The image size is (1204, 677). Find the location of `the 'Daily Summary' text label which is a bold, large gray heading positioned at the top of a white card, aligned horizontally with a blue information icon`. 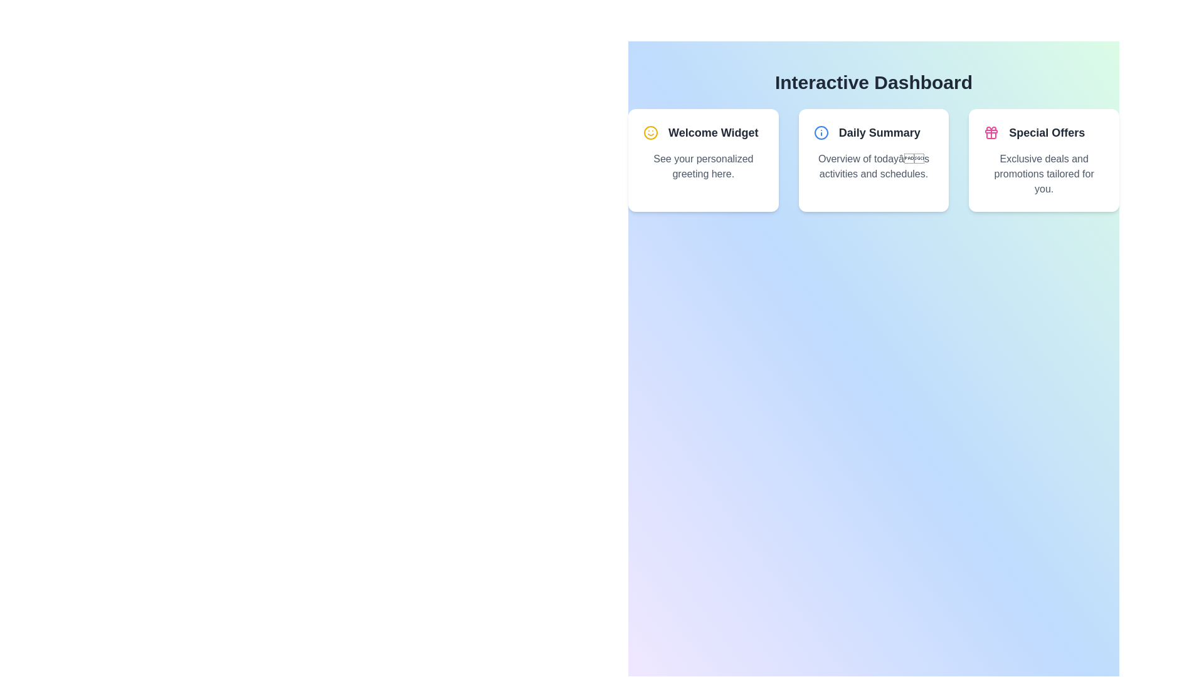

the 'Daily Summary' text label which is a bold, large gray heading positioned at the top of a white card, aligned horizontally with a blue information icon is located at coordinates (873, 133).